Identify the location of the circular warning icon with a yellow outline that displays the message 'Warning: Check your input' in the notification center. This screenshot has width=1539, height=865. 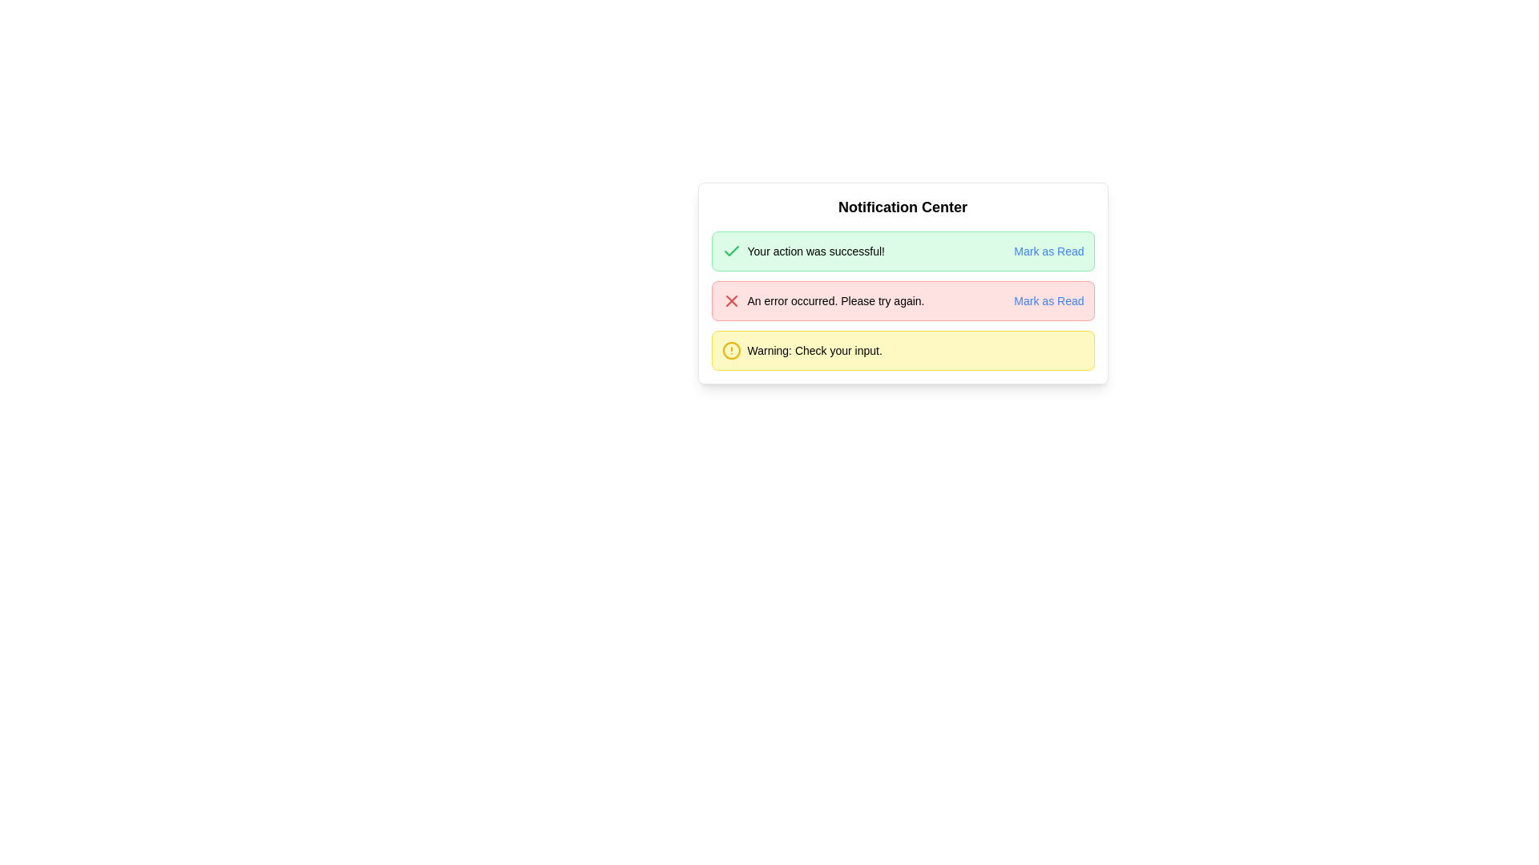
(730, 350).